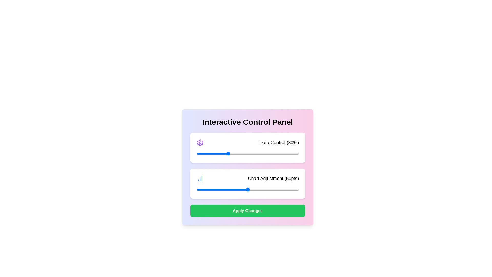 The image size is (492, 277). Describe the element at coordinates (223, 190) in the screenshot. I see `the 'Chart Adjustment' slider to a value of 26 points` at that location.